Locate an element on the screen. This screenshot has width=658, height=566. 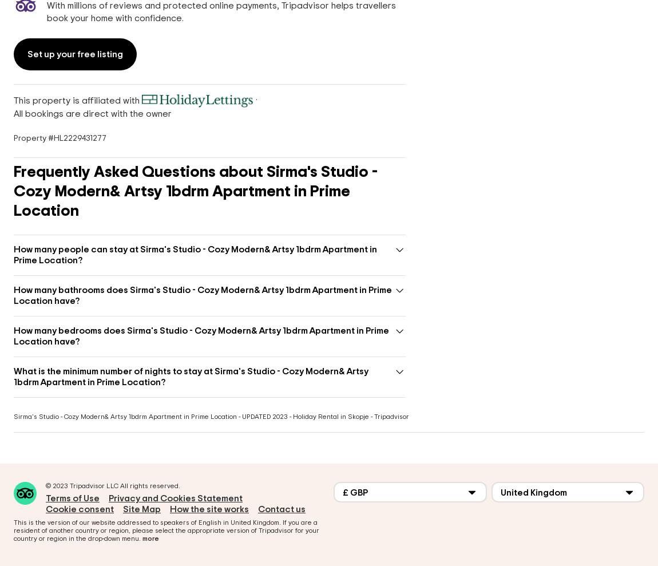
'£ GBP' is located at coordinates (355, 492).